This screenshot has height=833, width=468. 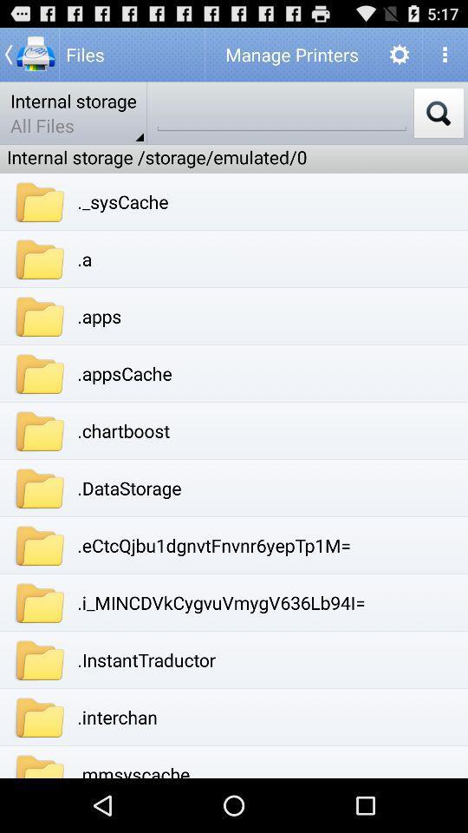 I want to click on search option, so click(x=282, y=112).